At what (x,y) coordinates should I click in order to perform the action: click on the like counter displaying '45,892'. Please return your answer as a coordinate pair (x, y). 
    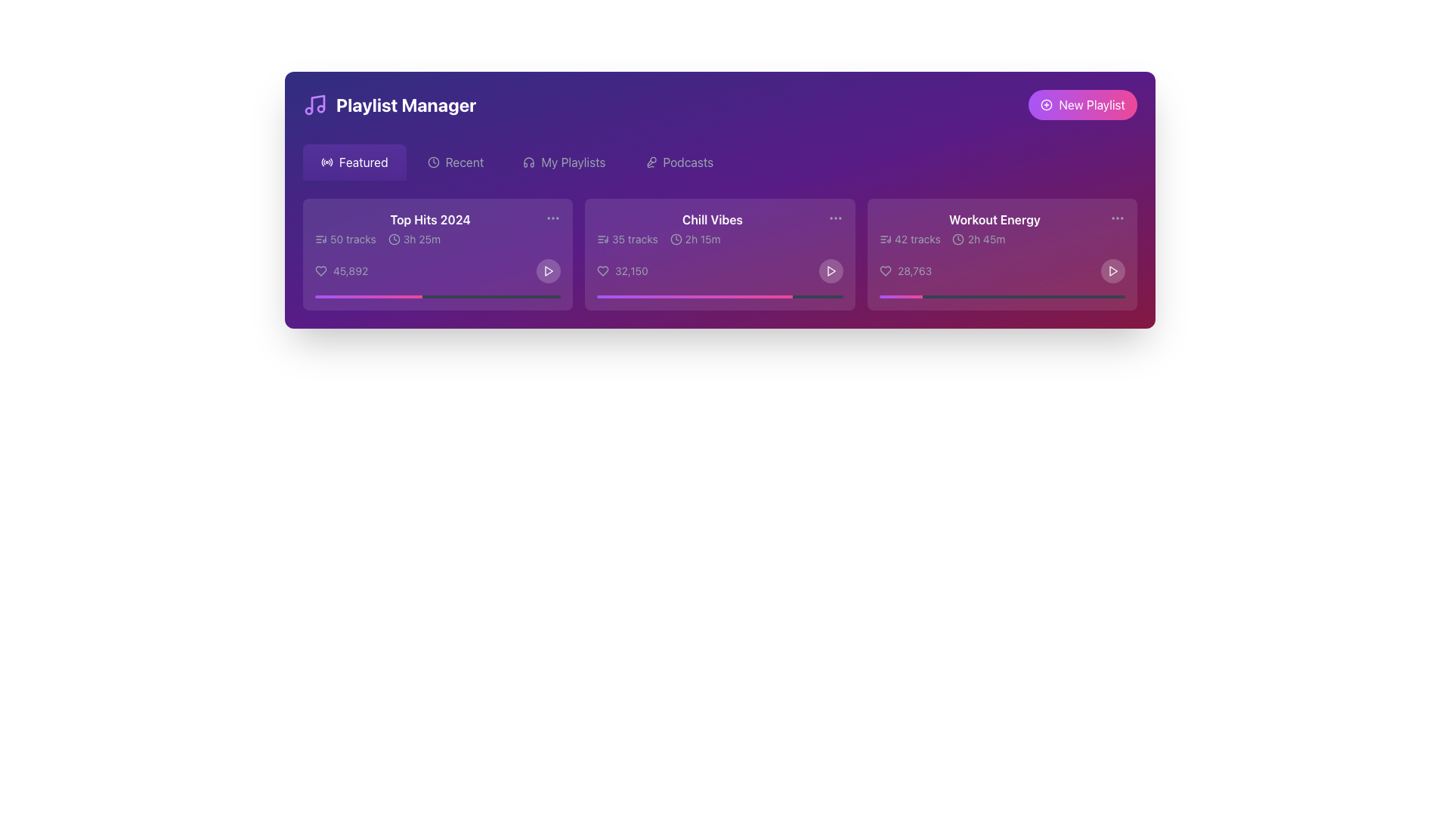
    Looking at the image, I should click on (340, 270).